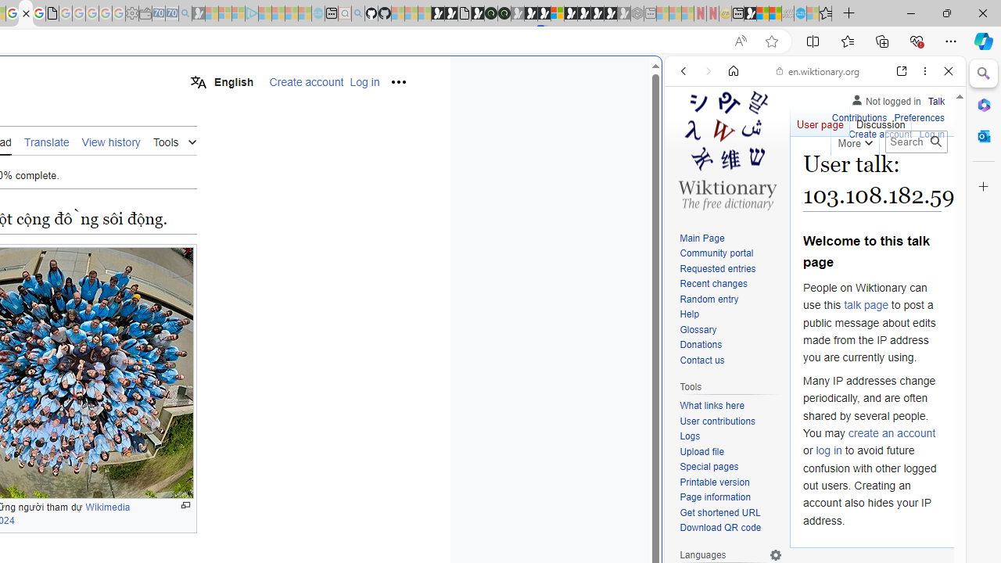 This screenshot has height=563, width=1001. What do you see at coordinates (701, 360) in the screenshot?
I see `'Contact us'` at bounding box center [701, 360].